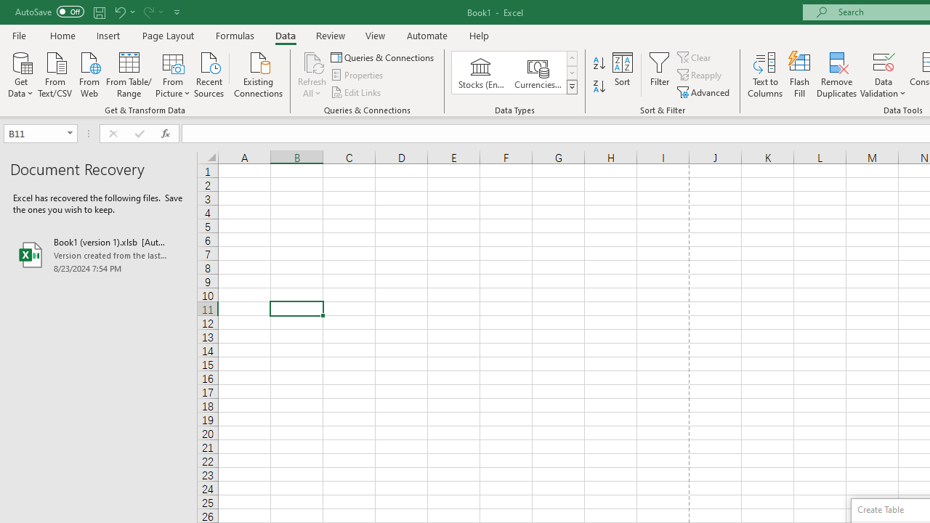 Image resolution: width=930 pixels, height=523 pixels. I want to click on 'Text to Columns...', so click(764, 75).